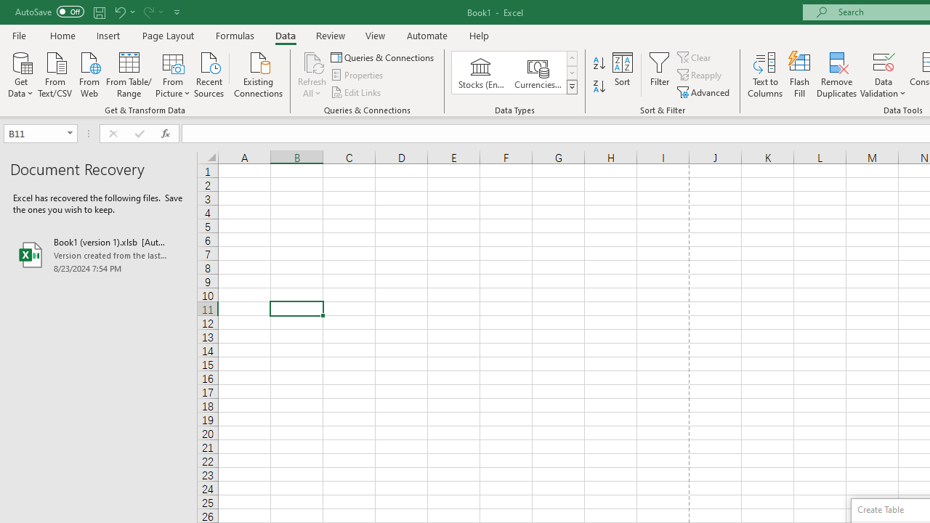 Image resolution: width=930 pixels, height=523 pixels. I want to click on 'Text to Columns...', so click(764, 75).